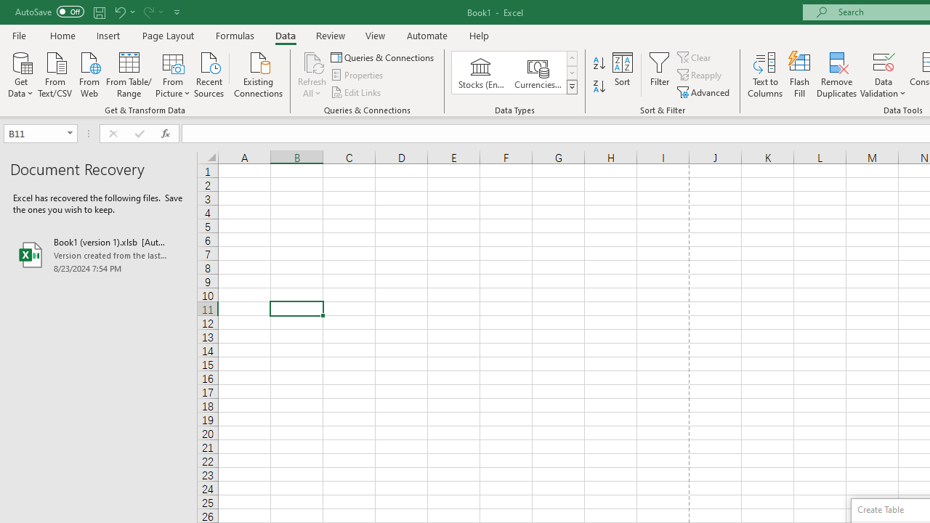 Image resolution: width=930 pixels, height=523 pixels. I want to click on 'Text to Columns...', so click(764, 75).